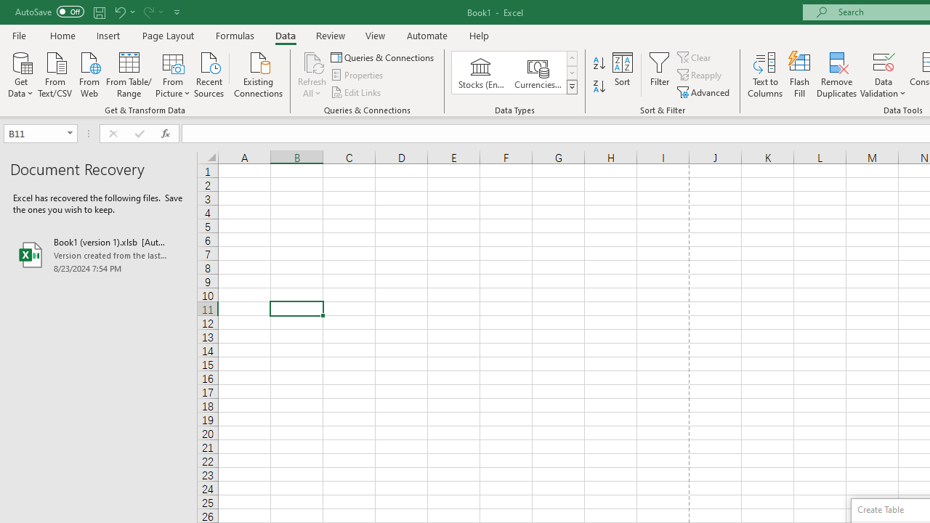 Image resolution: width=930 pixels, height=523 pixels. I want to click on 'Text to Columns...', so click(764, 75).